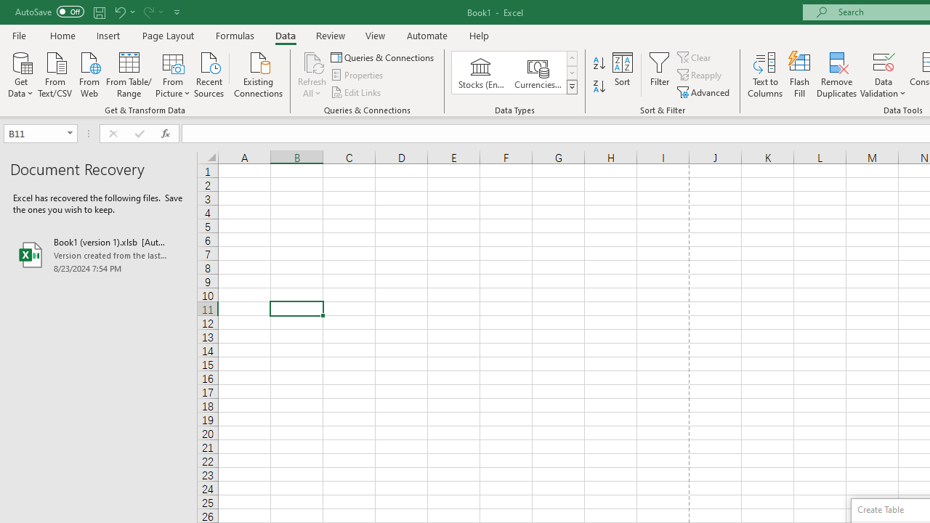 Image resolution: width=930 pixels, height=523 pixels. I want to click on 'Text to Columns...', so click(764, 75).